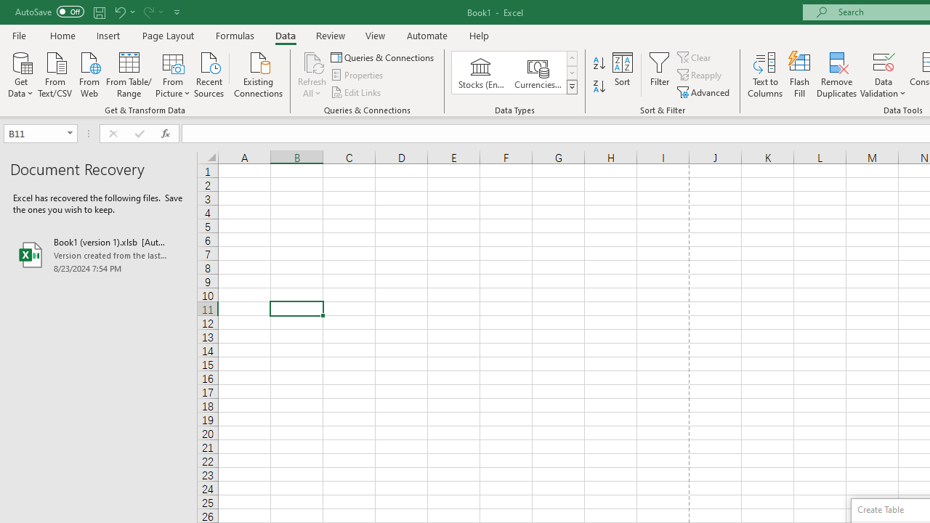 Image resolution: width=930 pixels, height=523 pixels. I want to click on 'Text to Columns...', so click(764, 75).